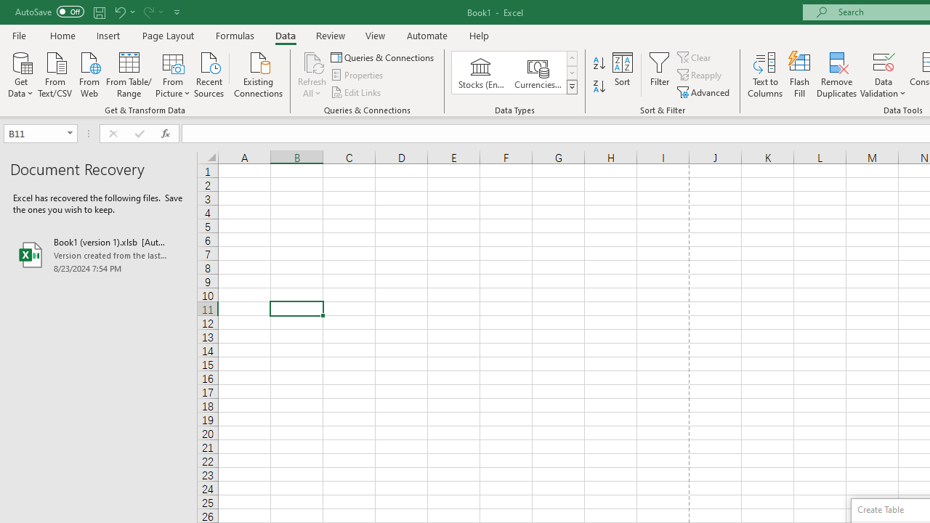 Image resolution: width=930 pixels, height=523 pixels. I want to click on 'Text to Columns...', so click(764, 75).